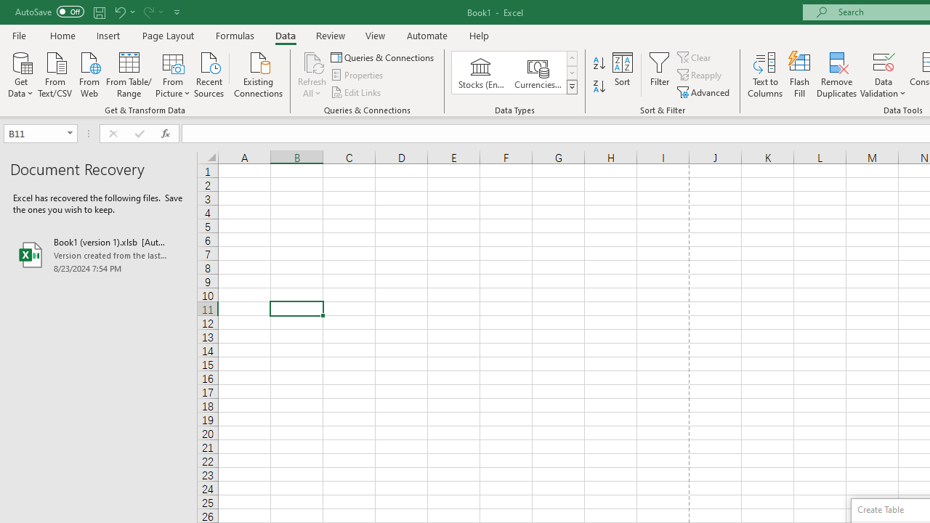 Image resolution: width=930 pixels, height=523 pixels. I want to click on 'Text to Columns...', so click(764, 75).